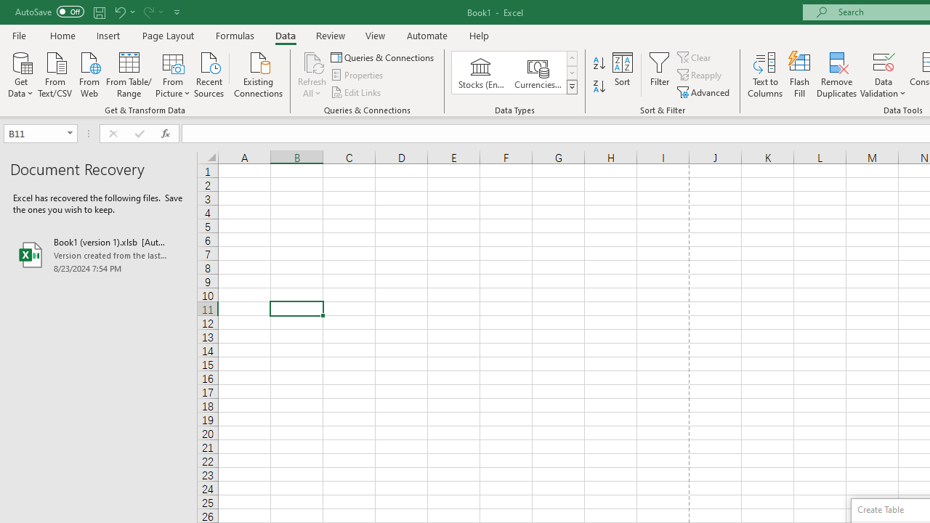 Image resolution: width=930 pixels, height=523 pixels. I want to click on 'Text to Columns...', so click(764, 75).